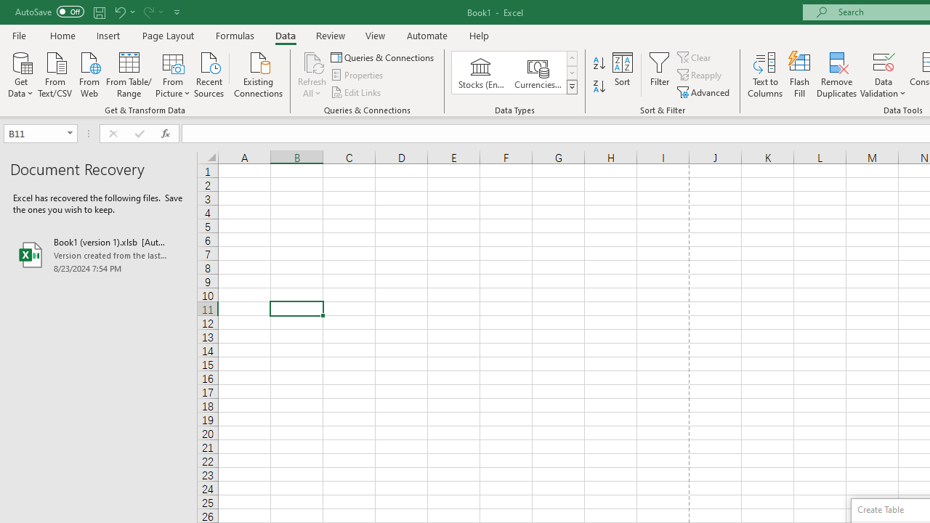 Image resolution: width=930 pixels, height=523 pixels. I want to click on 'Text to Columns...', so click(764, 75).